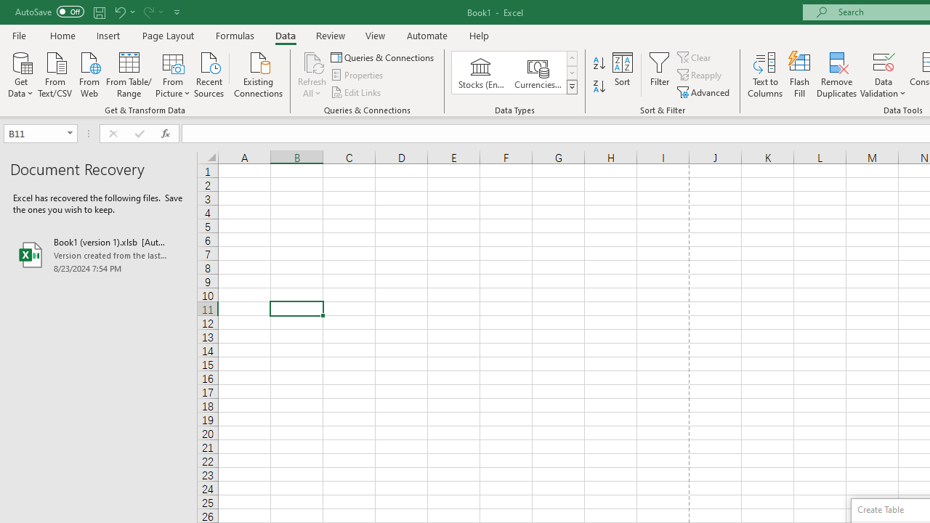 Image resolution: width=930 pixels, height=523 pixels. I want to click on 'Text to Columns...', so click(764, 75).